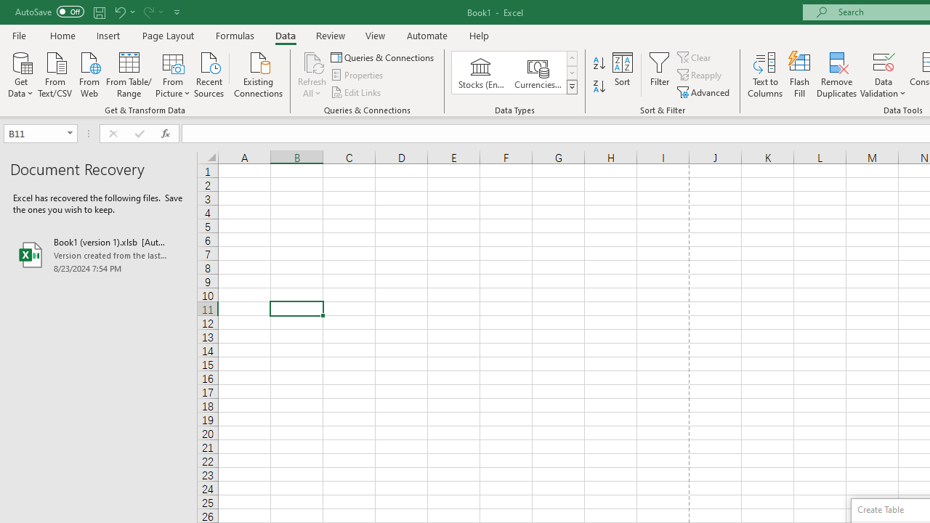 Image resolution: width=930 pixels, height=523 pixels. I want to click on 'Text to Columns...', so click(764, 75).